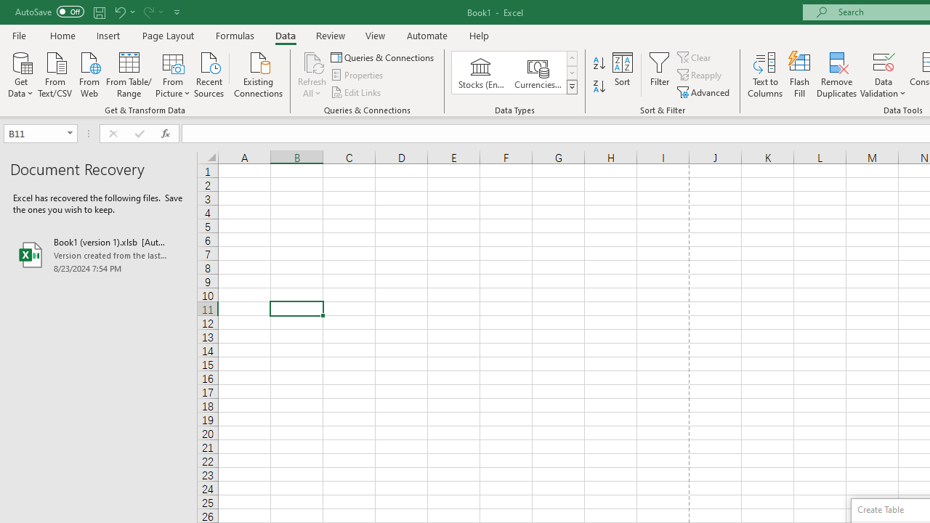 Image resolution: width=930 pixels, height=523 pixels. I want to click on 'Text to Columns...', so click(764, 75).